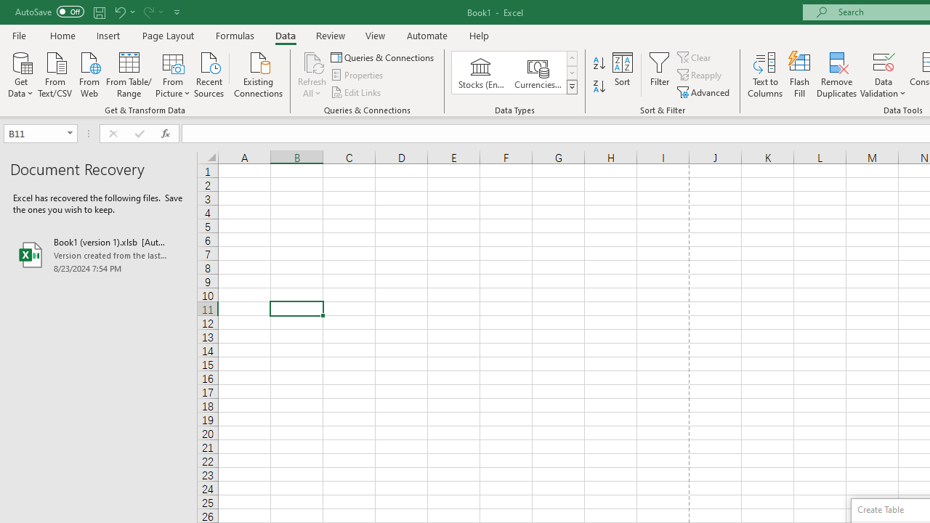 Image resolution: width=930 pixels, height=523 pixels. I want to click on 'Text to Columns...', so click(764, 75).